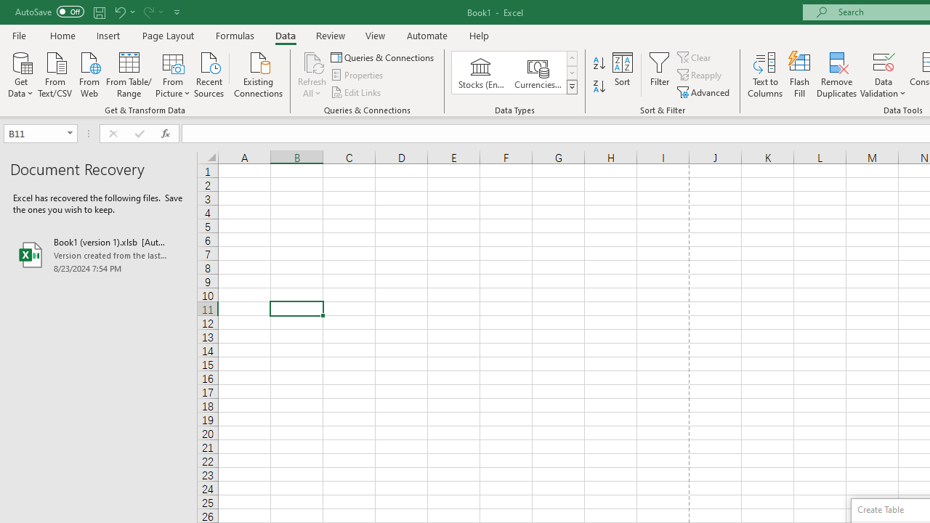 Image resolution: width=930 pixels, height=523 pixels. I want to click on 'Text to Columns...', so click(764, 75).